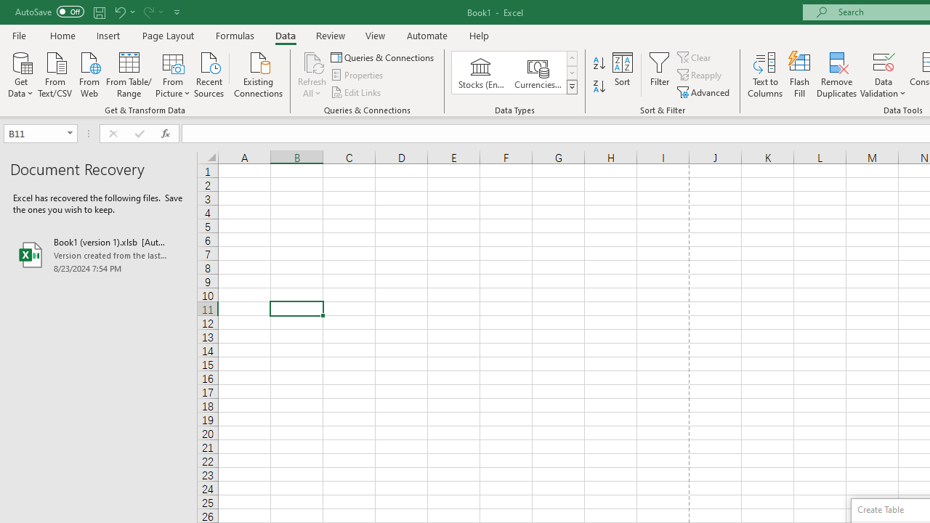 Image resolution: width=930 pixels, height=523 pixels. I want to click on 'Text to Columns...', so click(764, 75).